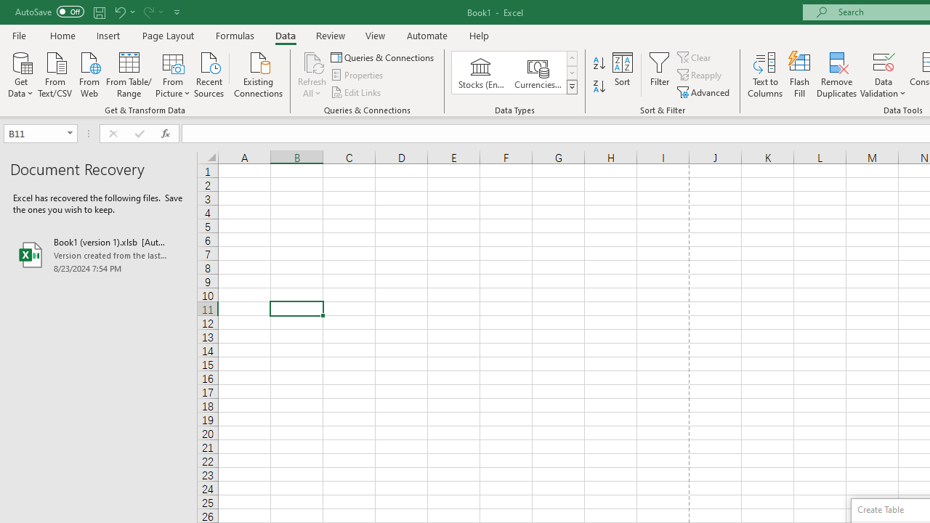 Image resolution: width=930 pixels, height=523 pixels. I want to click on 'Text to Columns...', so click(764, 75).